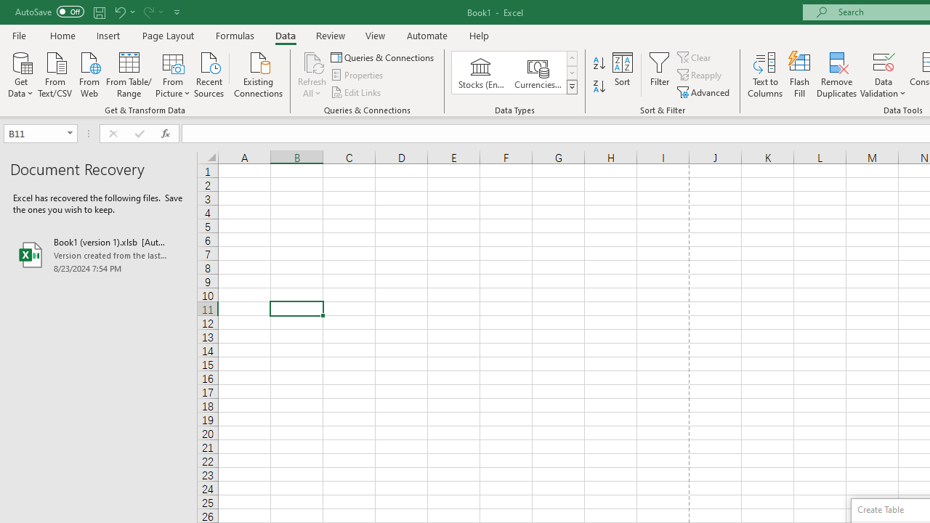 Image resolution: width=930 pixels, height=523 pixels. I want to click on 'Text to Columns...', so click(764, 75).